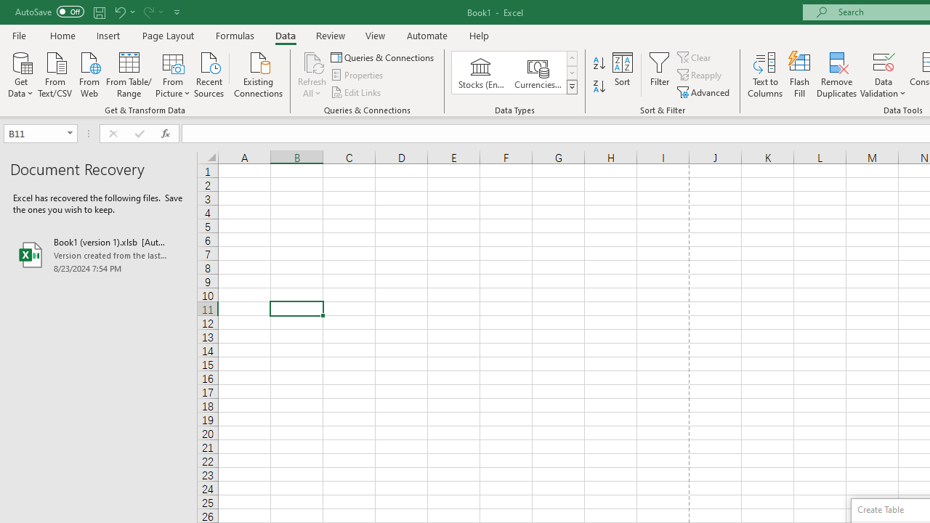 Image resolution: width=930 pixels, height=523 pixels. I want to click on 'Text to Columns...', so click(764, 75).